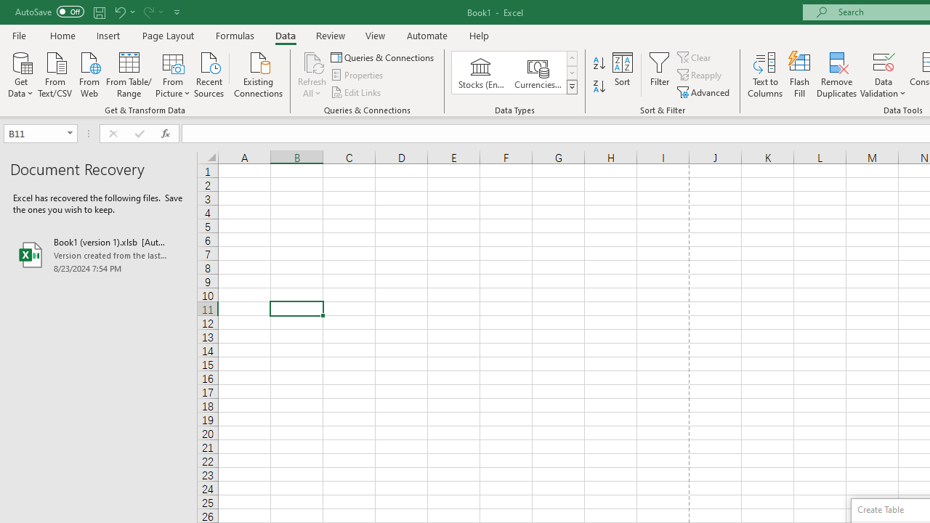 Image resolution: width=930 pixels, height=523 pixels. I want to click on 'Text to Columns...', so click(764, 75).